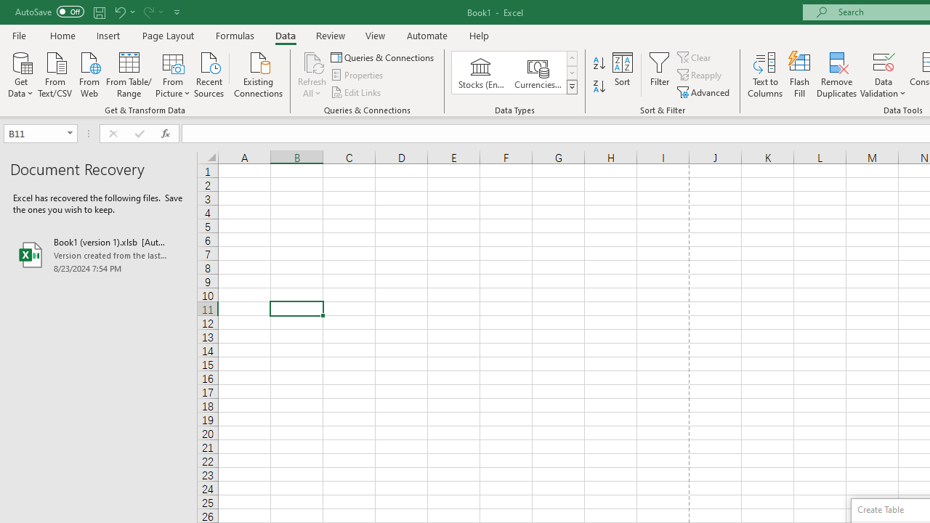 Image resolution: width=930 pixels, height=523 pixels. I want to click on 'Text to Columns...', so click(764, 75).